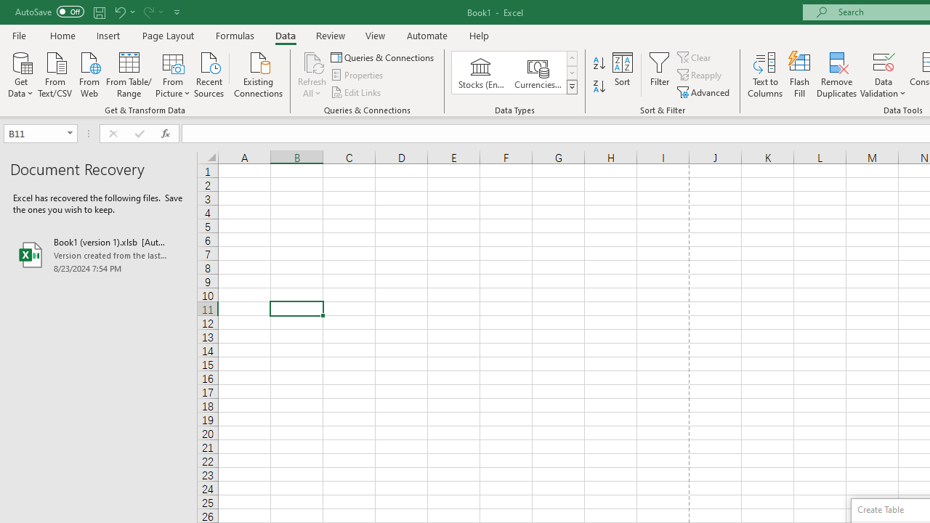 Image resolution: width=930 pixels, height=523 pixels. I want to click on 'Text to Columns...', so click(764, 75).